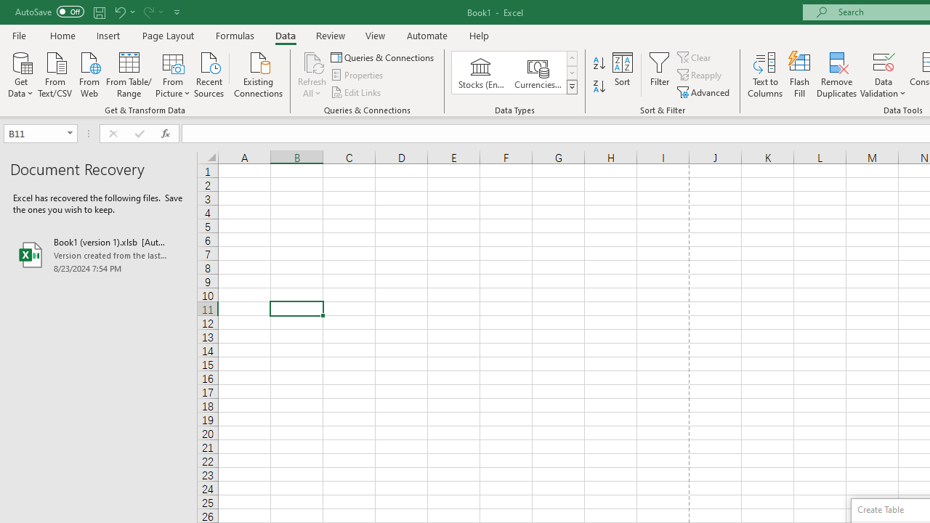 Image resolution: width=930 pixels, height=523 pixels. I want to click on 'Text to Columns...', so click(764, 75).